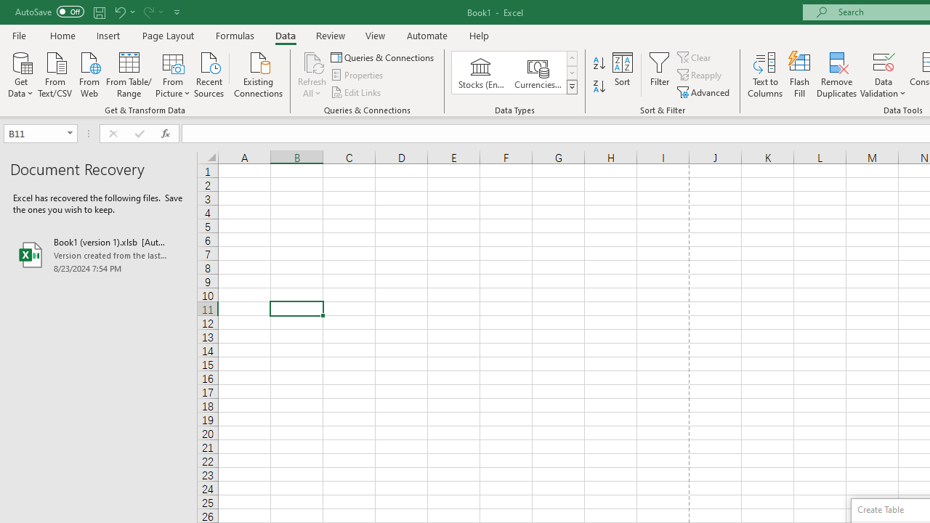 Image resolution: width=930 pixels, height=523 pixels. I want to click on 'Text to Columns...', so click(764, 75).